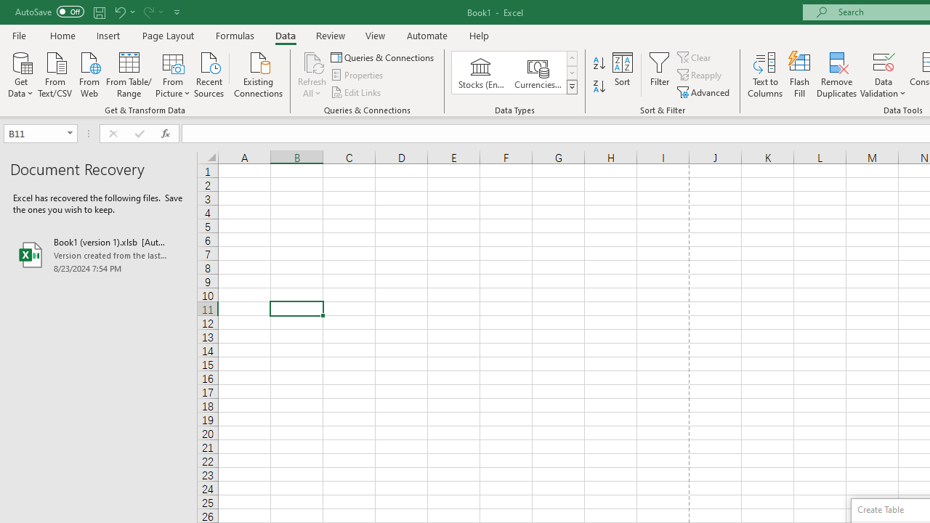 Image resolution: width=930 pixels, height=523 pixels. I want to click on 'Text to Columns...', so click(764, 75).